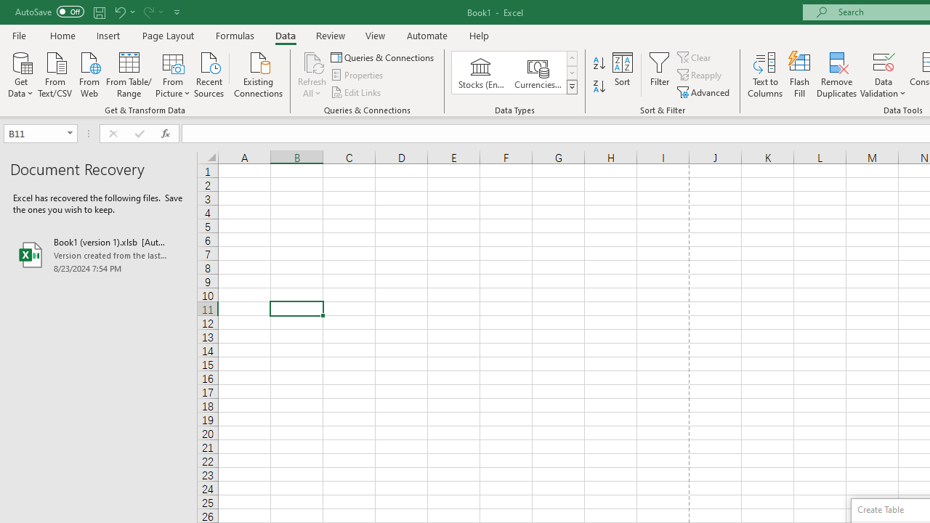 Image resolution: width=930 pixels, height=523 pixels. I want to click on 'Text to Columns...', so click(764, 75).